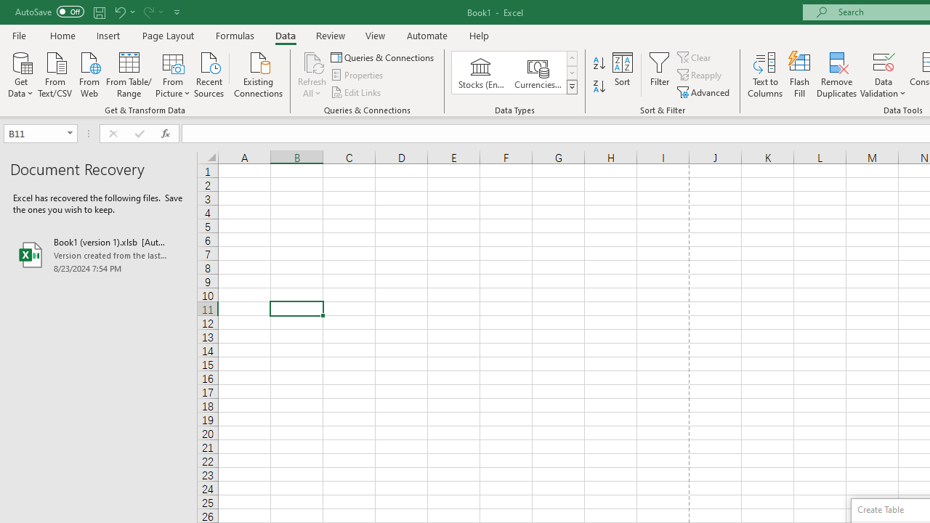 Image resolution: width=930 pixels, height=523 pixels. I want to click on 'Text to Columns...', so click(764, 75).